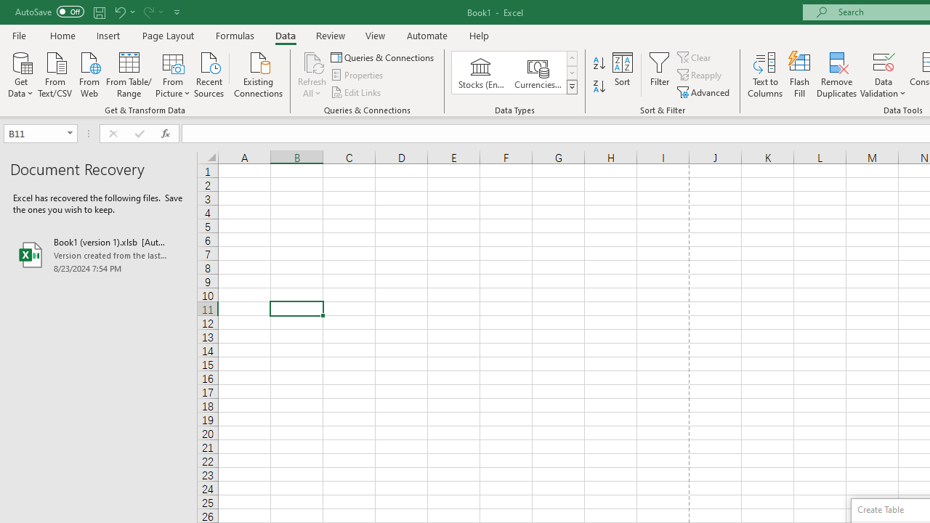 Image resolution: width=930 pixels, height=523 pixels. I want to click on 'Text to Columns...', so click(764, 75).